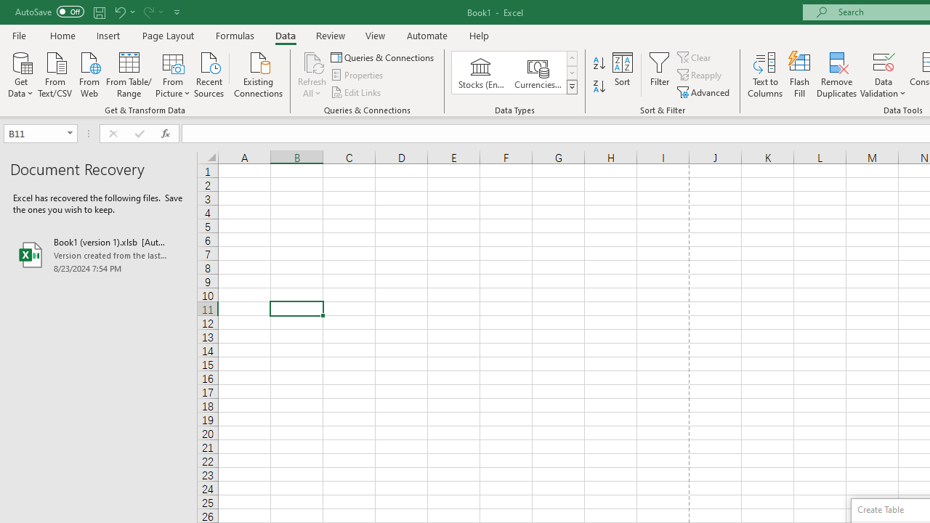 Image resolution: width=930 pixels, height=523 pixels. I want to click on 'Text to Columns...', so click(764, 75).